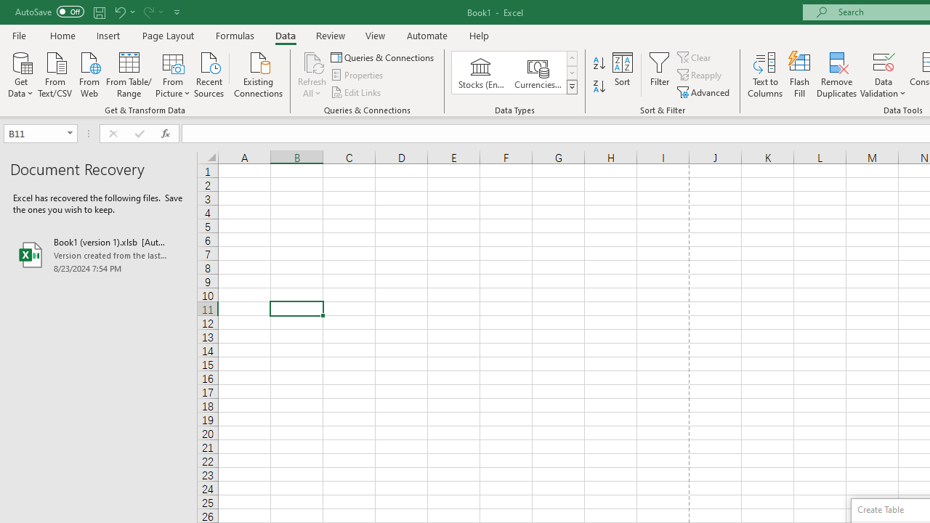 Image resolution: width=930 pixels, height=523 pixels. I want to click on 'Text to Columns...', so click(764, 75).